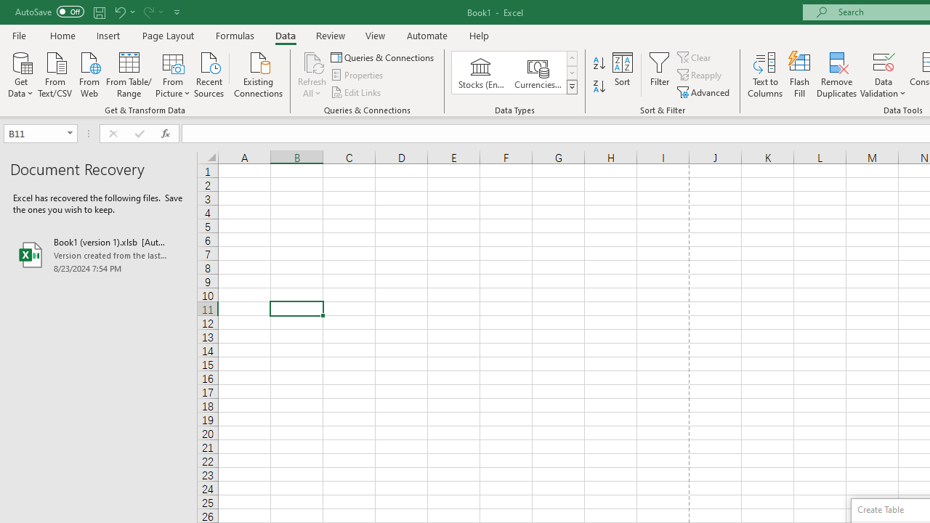 Image resolution: width=930 pixels, height=523 pixels. I want to click on 'Text to Columns...', so click(764, 75).